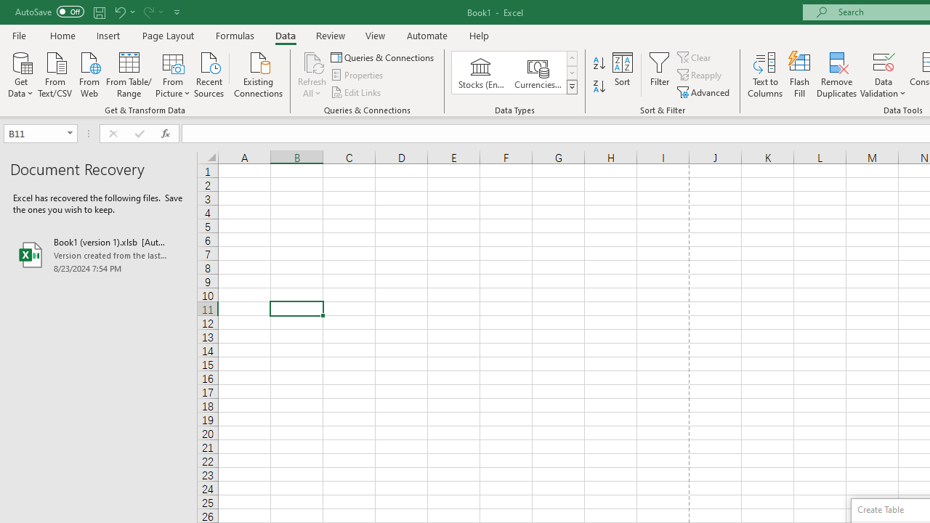 Image resolution: width=930 pixels, height=523 pixels. I want to click on 'Text to Columns...', so click(764, 75).